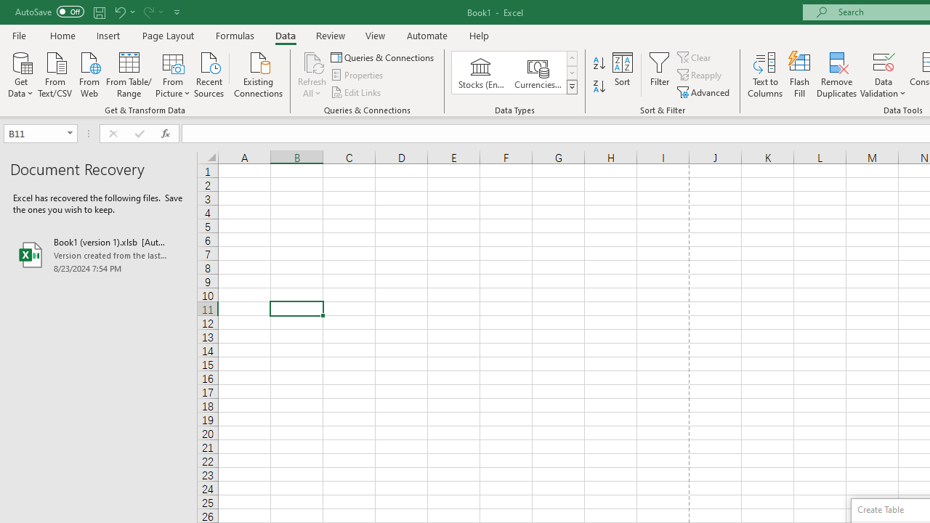 Image resolution: width=930 pixels, height=523 pixels. I want to click on 'Text to Columns...', so click(764, 75).